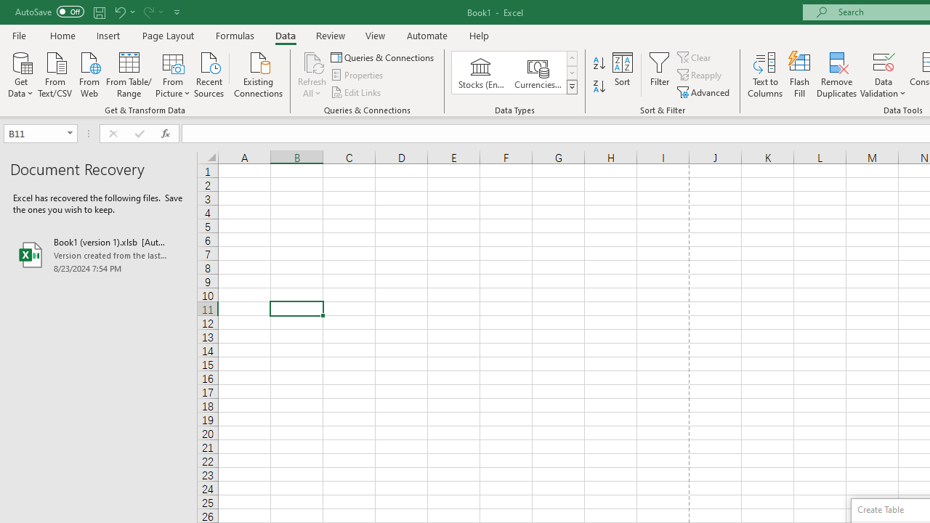 Image resolution: width=930 pixels, height=523 pixels. I want to click on 'Text to Columns...', so click(764, 75).